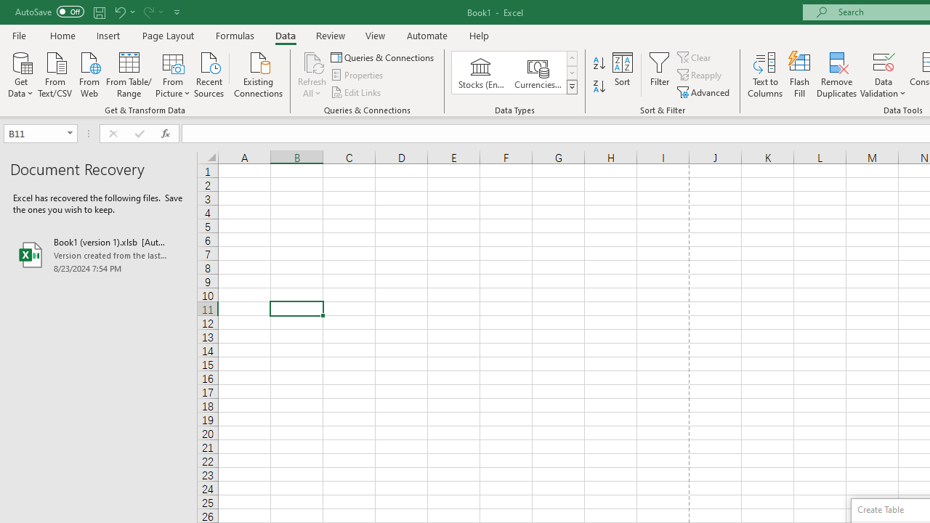 Image resolution: width=930 pixels, height=523 pixels. I want to click on 'Text to Columns...', so click(764, 75).